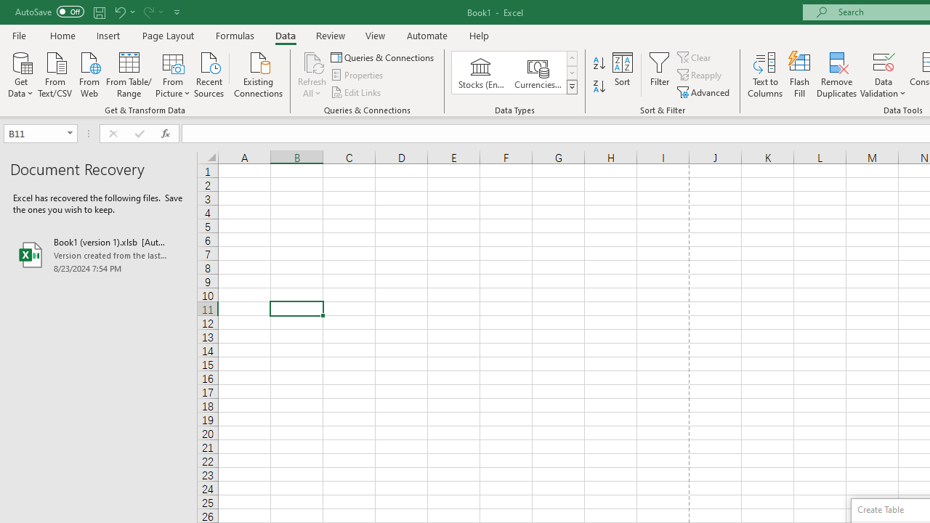 Image resolution: width=930 pixels, height=523 pixels. I want to click on 'Text to Columns...', so click(764, 75).